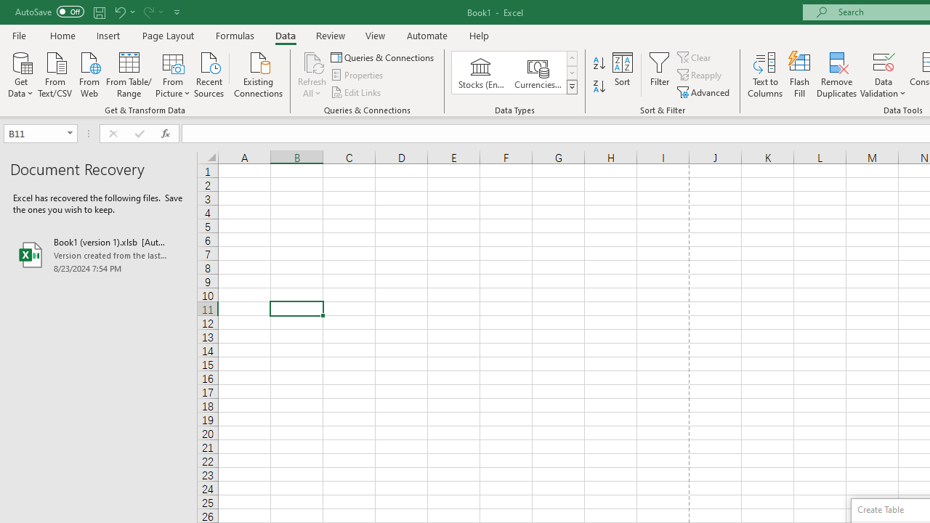 Image resolution: width=930 pixels, height=523 pixels. I want to click on 'Text to Columns...', so click(764, 75).